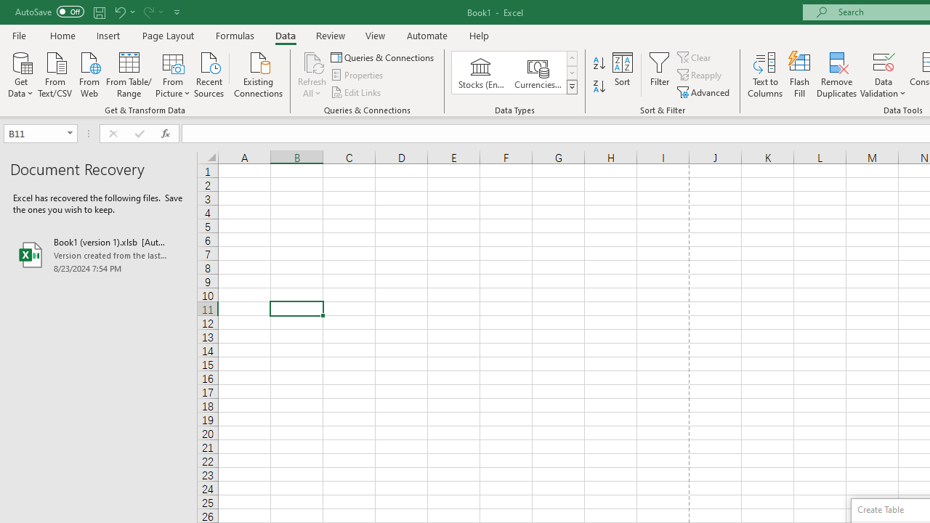 Image resolution: width=930 pixels, height=523 pixels. I want to click on 'Text to Columns...', so click(764, 75).